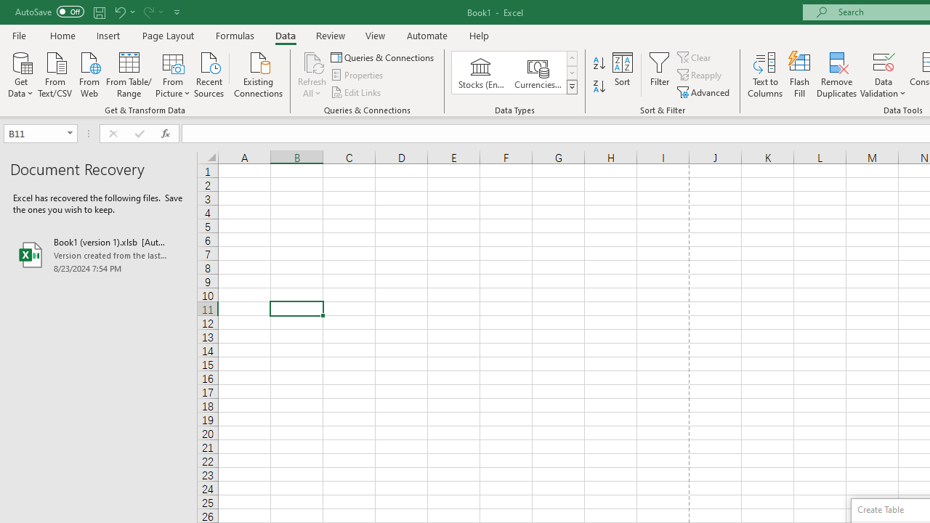 Image resolution: width=930 pixels, height=523 pixels. I want to click on 'Text to Columns...', so click(764, 75).